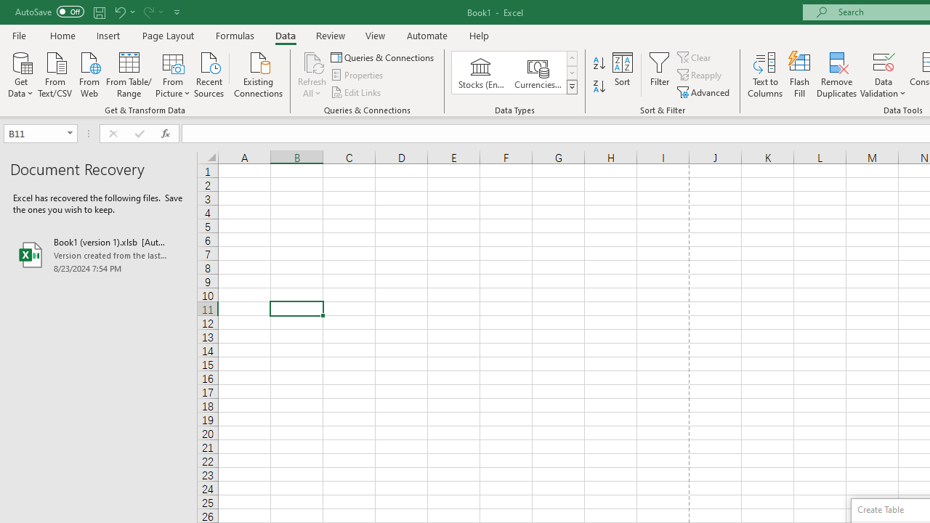 Image resolution: width=930 pixels, height=523 pixels. I want to click on 'Text to Columns...', so click(764, 75).